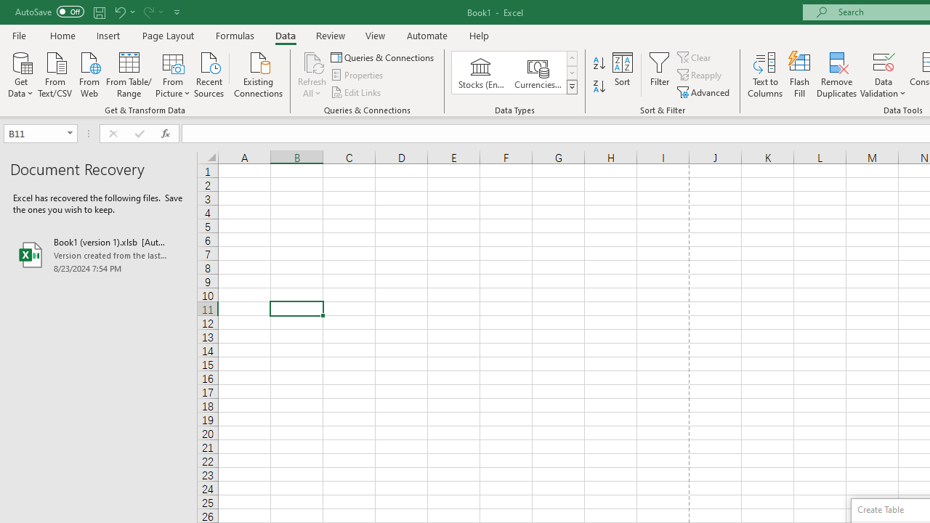 Image resolution: width=930 pixels, height=523 pixels. I want to click on 'Text to Columns...', so click(764, 75).